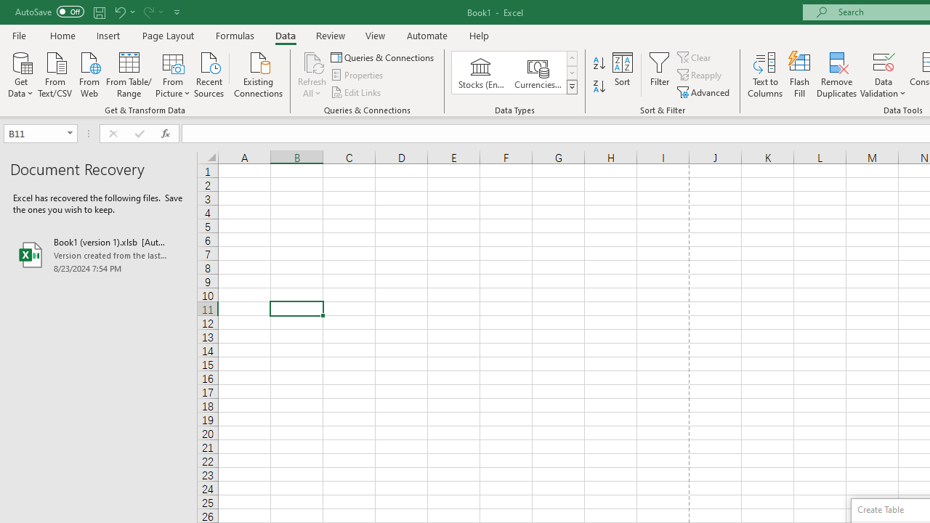 Image resolution: width=930 pixels, height=523 pixels. I want to click on 'Text to Columns...', so click(764, 75).